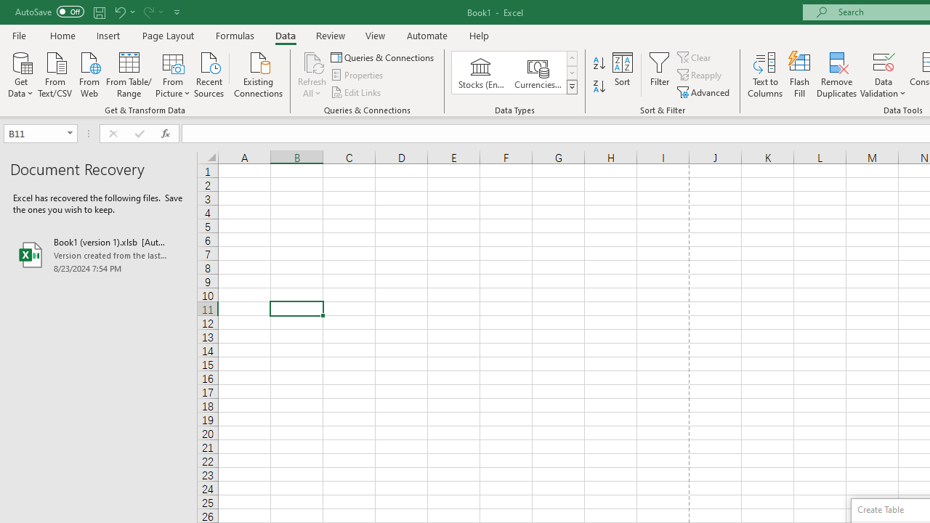 Image resolution: width=930 pixels, height=523 pixels. I want to click on 'Text to Columns...', so click(764, 75).